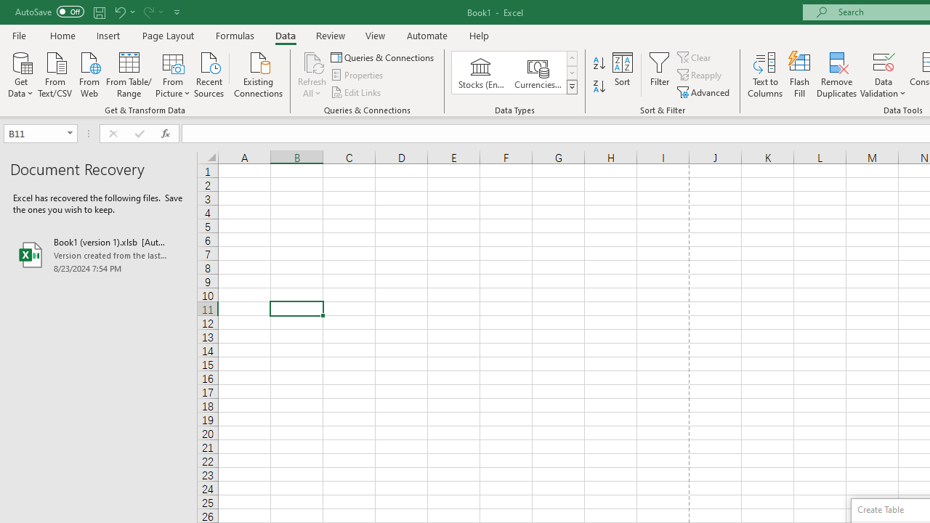 Image resolution: width=930 pixels, height=523 pixels. I want to click on 'Text to Columns...', so click(764, 75).